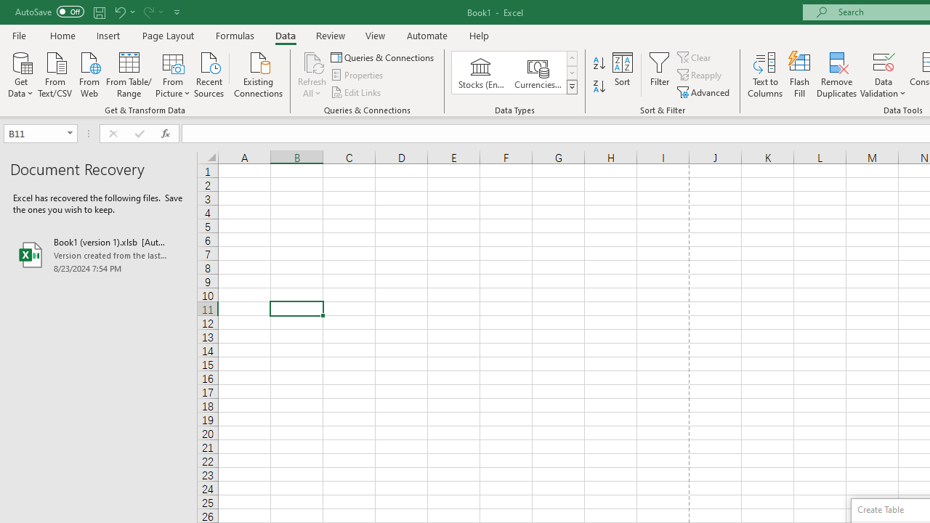 Image resolution: width=930 pixels, height=523 pixels. I want to click on 'Text to Columns...', so click(764, 75).